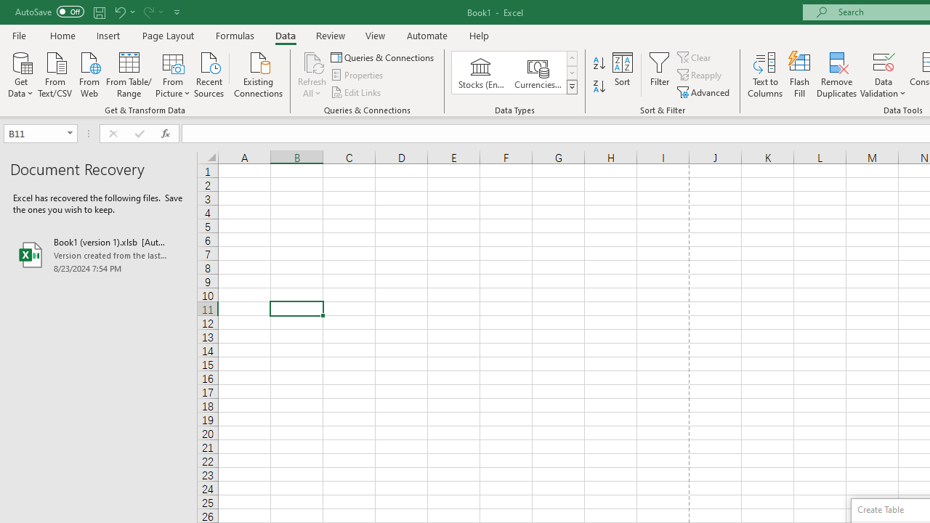 Image resolution: width=930 pixels, height=523 pixels. I want to click on 'Text to Columns...', so click(764, 75).